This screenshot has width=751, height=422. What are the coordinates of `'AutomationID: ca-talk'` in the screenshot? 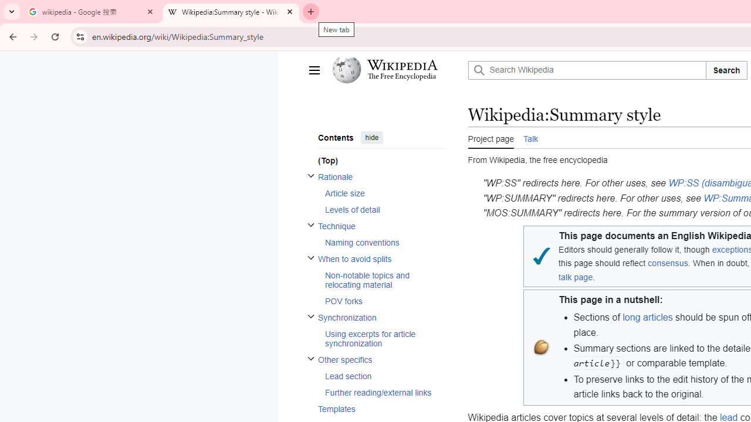 It's located at (530, 137).